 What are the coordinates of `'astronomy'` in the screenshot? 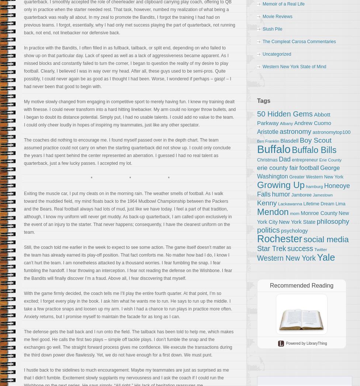 It's located at (295, 131).